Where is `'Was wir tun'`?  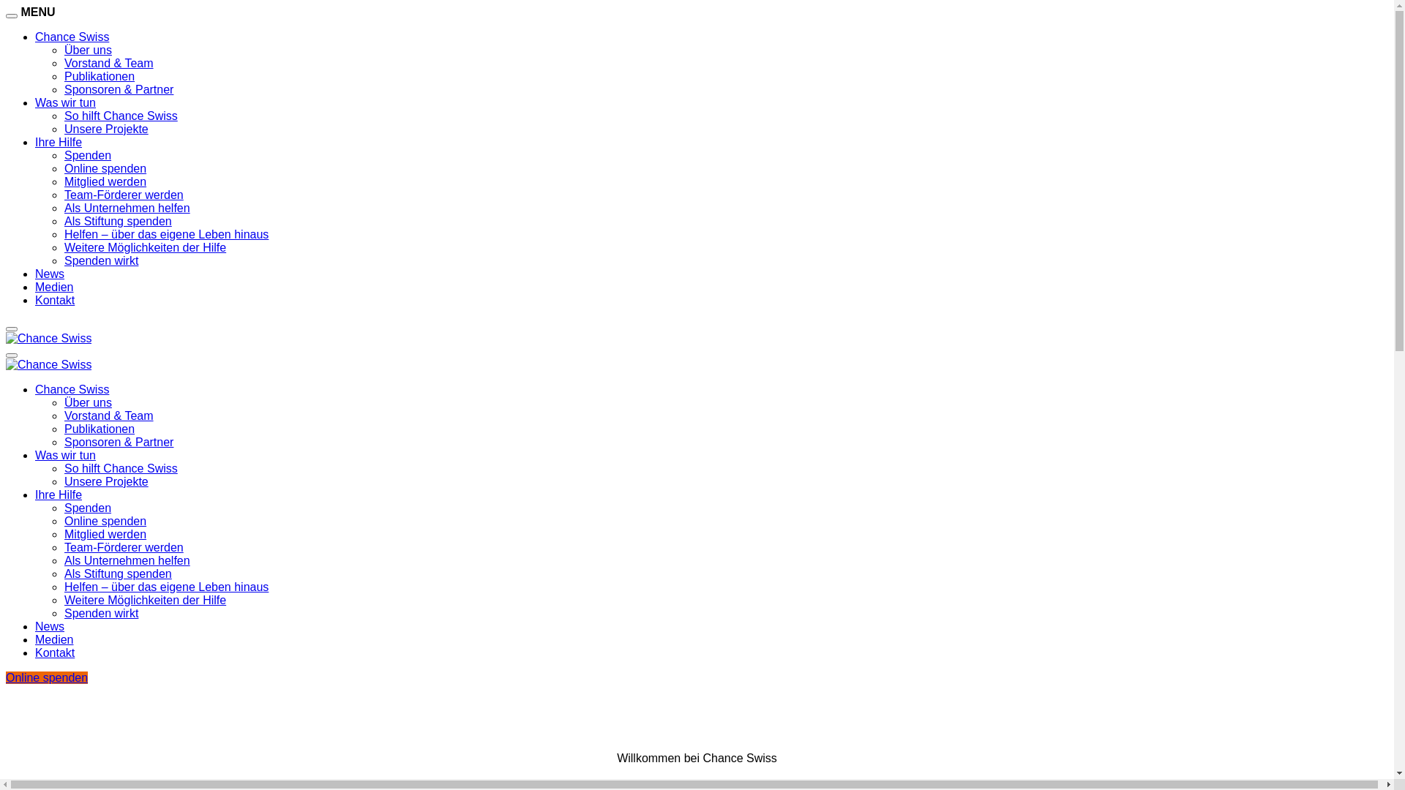 'Was wir tun' is located at coordinates (64, 454).